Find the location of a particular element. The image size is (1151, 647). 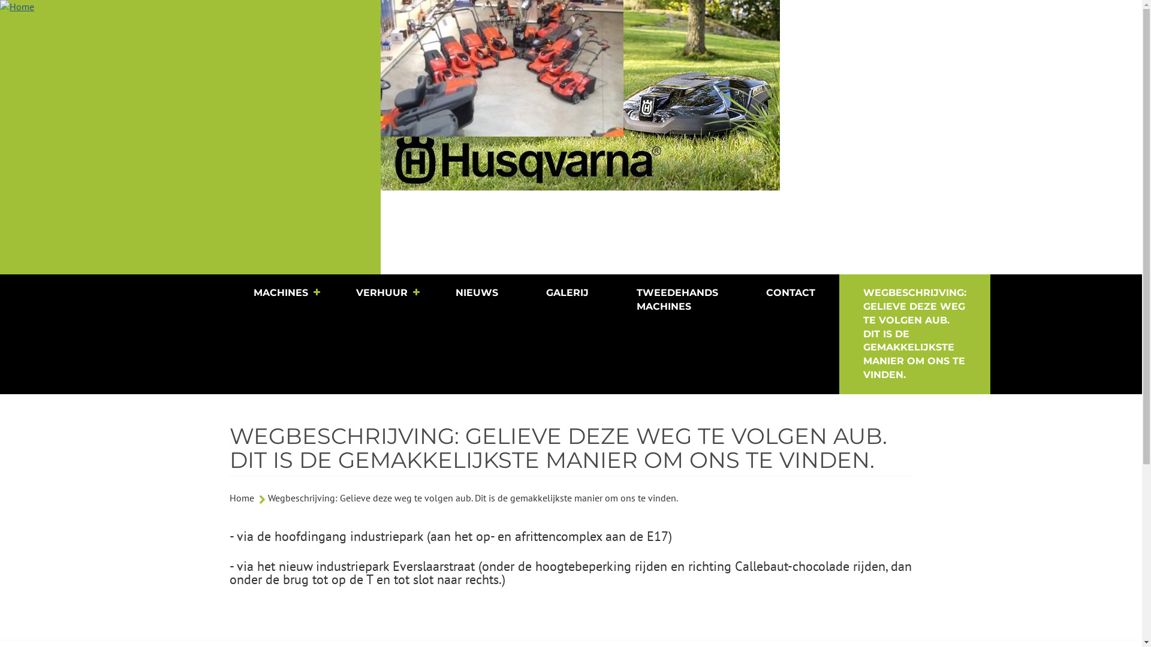

'CONTACT' is located at coordinates (791, 293).